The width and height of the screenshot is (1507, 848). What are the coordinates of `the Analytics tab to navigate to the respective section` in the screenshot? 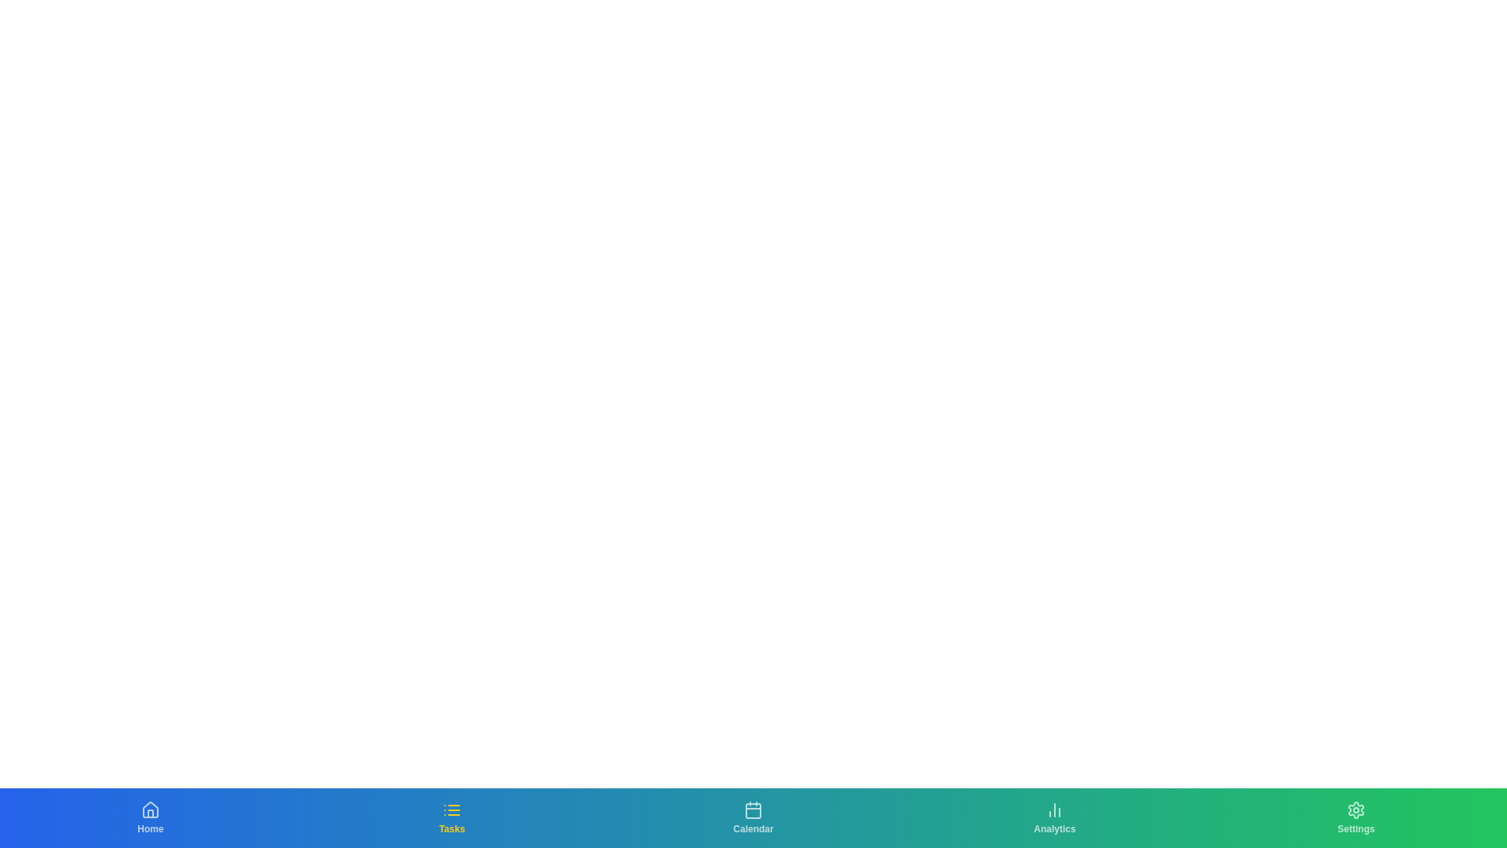 It's located at (1055, 817).